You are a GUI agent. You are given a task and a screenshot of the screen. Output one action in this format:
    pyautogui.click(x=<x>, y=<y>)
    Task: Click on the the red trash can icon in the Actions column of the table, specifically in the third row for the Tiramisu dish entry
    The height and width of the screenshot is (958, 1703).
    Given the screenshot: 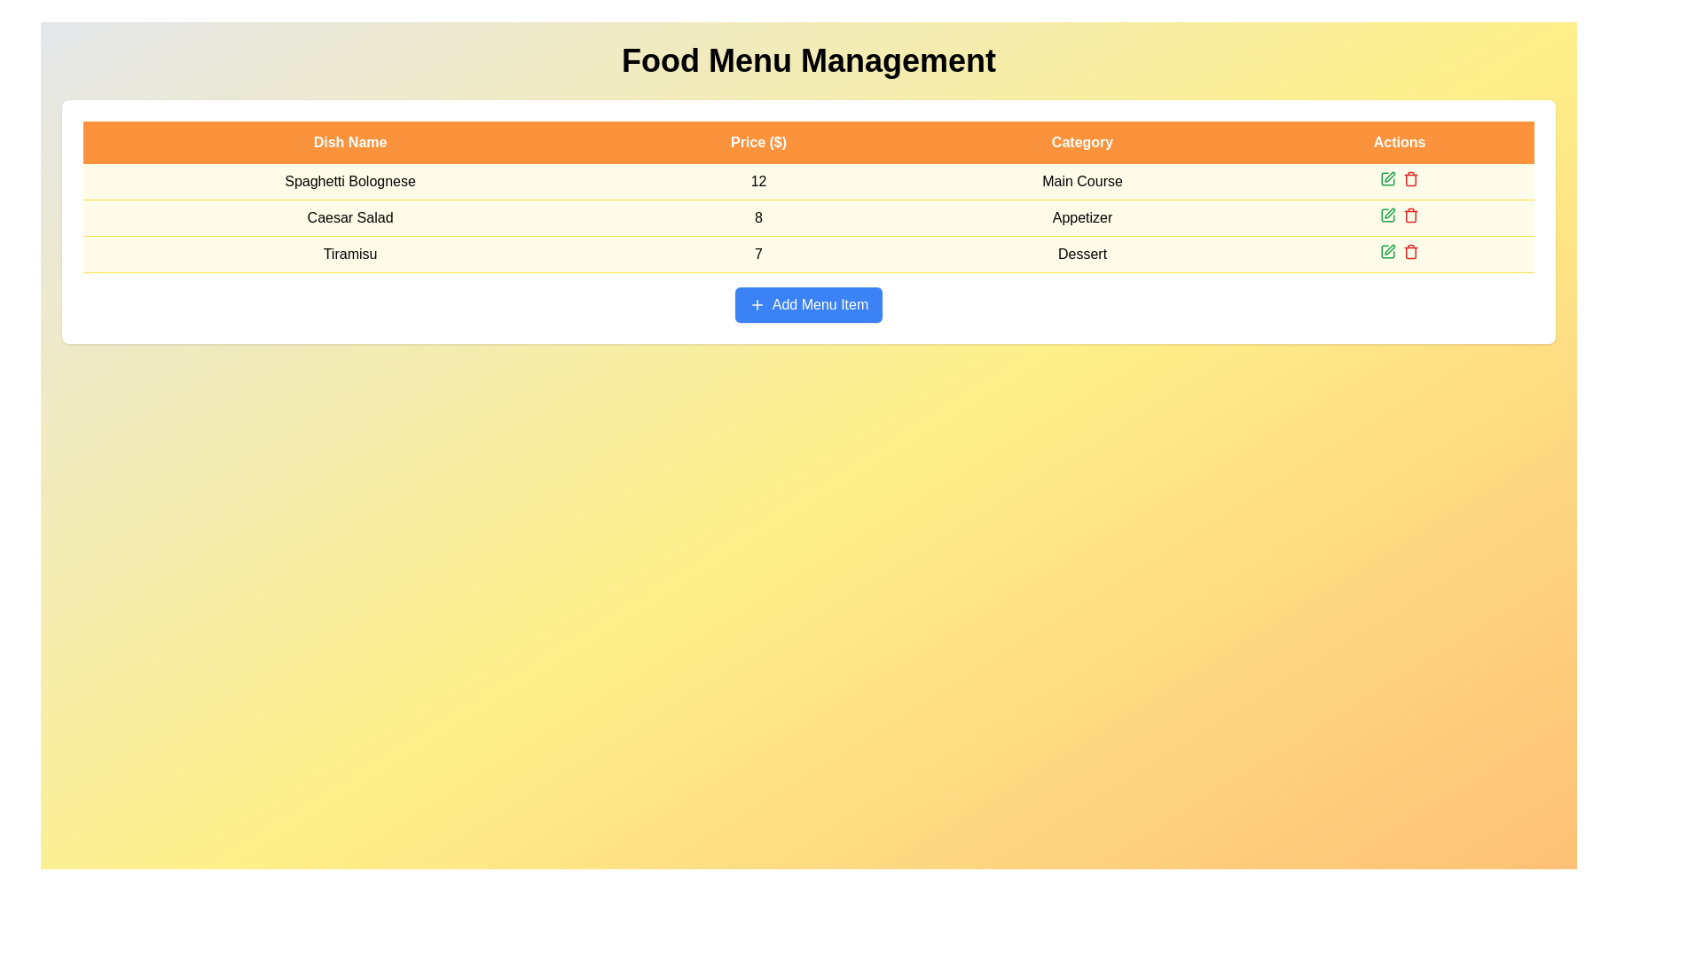 What is the action you would take?
    pyautogui.click(x=1410, y=252)
    